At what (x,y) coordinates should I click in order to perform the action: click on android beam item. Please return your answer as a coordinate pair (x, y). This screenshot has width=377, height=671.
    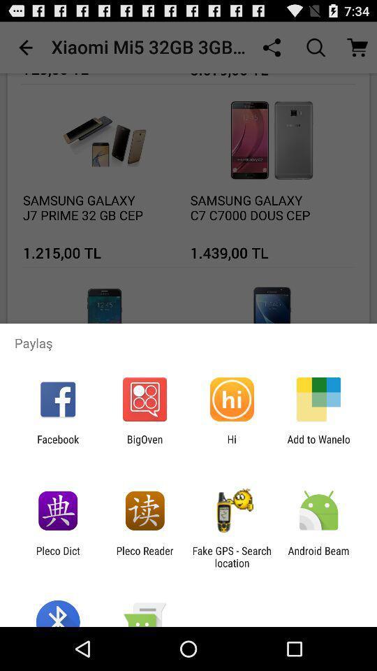
    Looking at the image, I should click on (318, 556).